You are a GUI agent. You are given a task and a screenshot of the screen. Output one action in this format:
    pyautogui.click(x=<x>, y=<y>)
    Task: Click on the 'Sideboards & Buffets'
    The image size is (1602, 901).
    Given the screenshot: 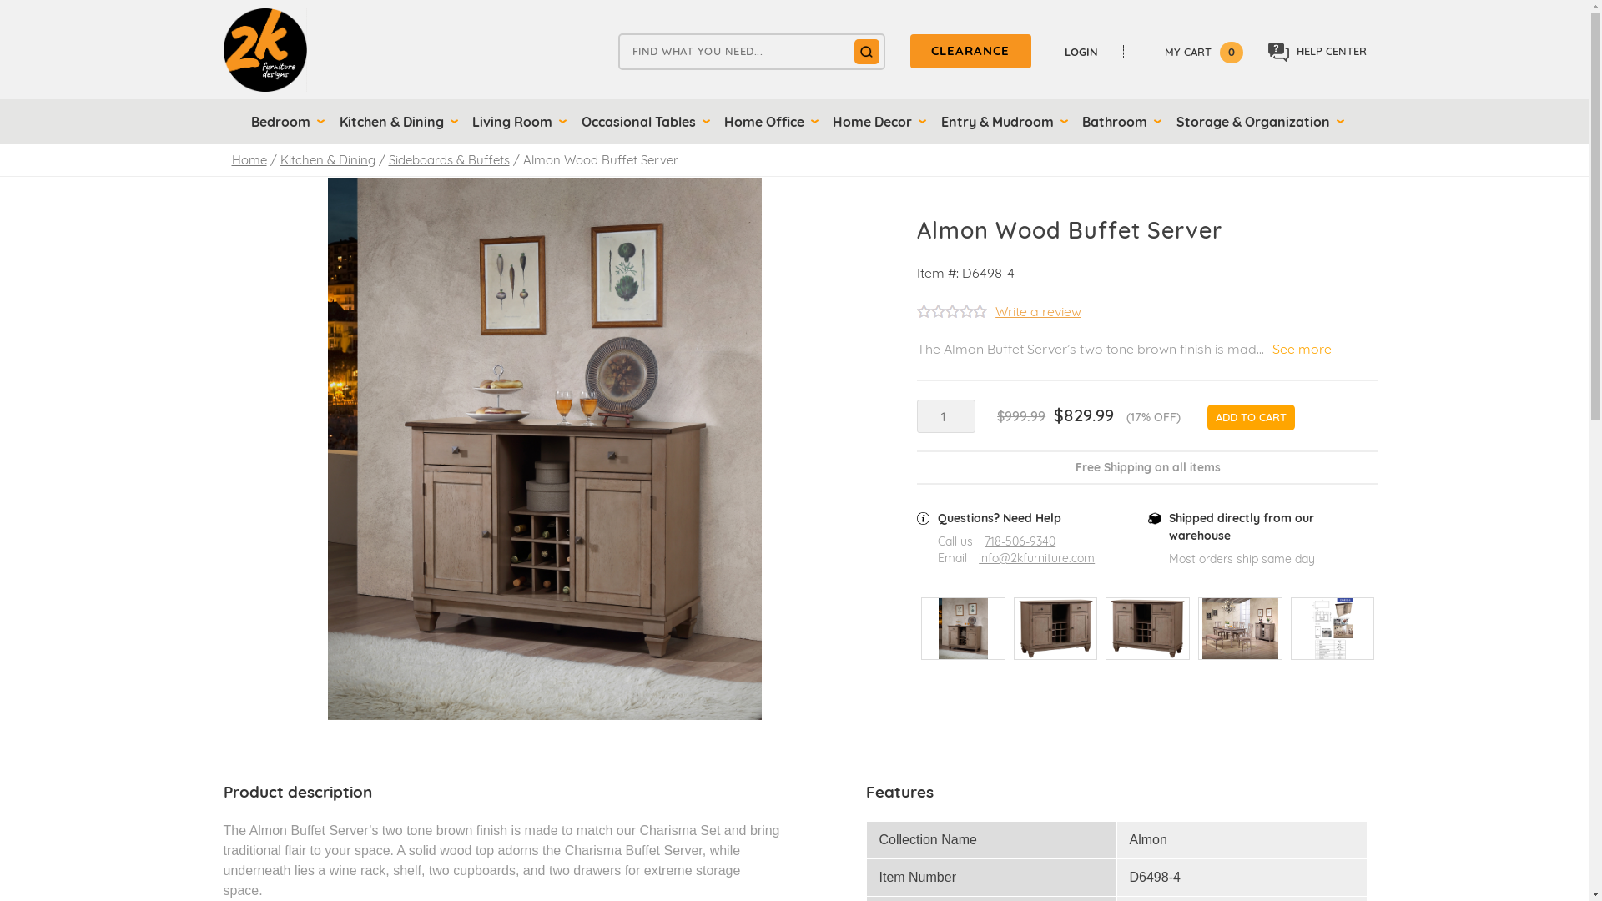 What is the action you would take?
    pyautogui.click(x=449, y=159)
    